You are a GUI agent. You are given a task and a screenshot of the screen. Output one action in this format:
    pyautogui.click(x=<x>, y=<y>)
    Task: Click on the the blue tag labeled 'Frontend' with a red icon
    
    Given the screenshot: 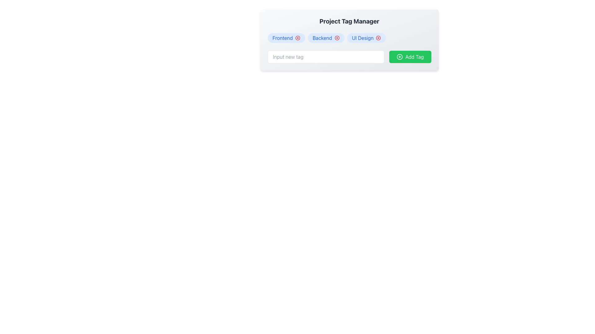 What is the action you would take?
    pyautogui.click(x=286, y=38)
    